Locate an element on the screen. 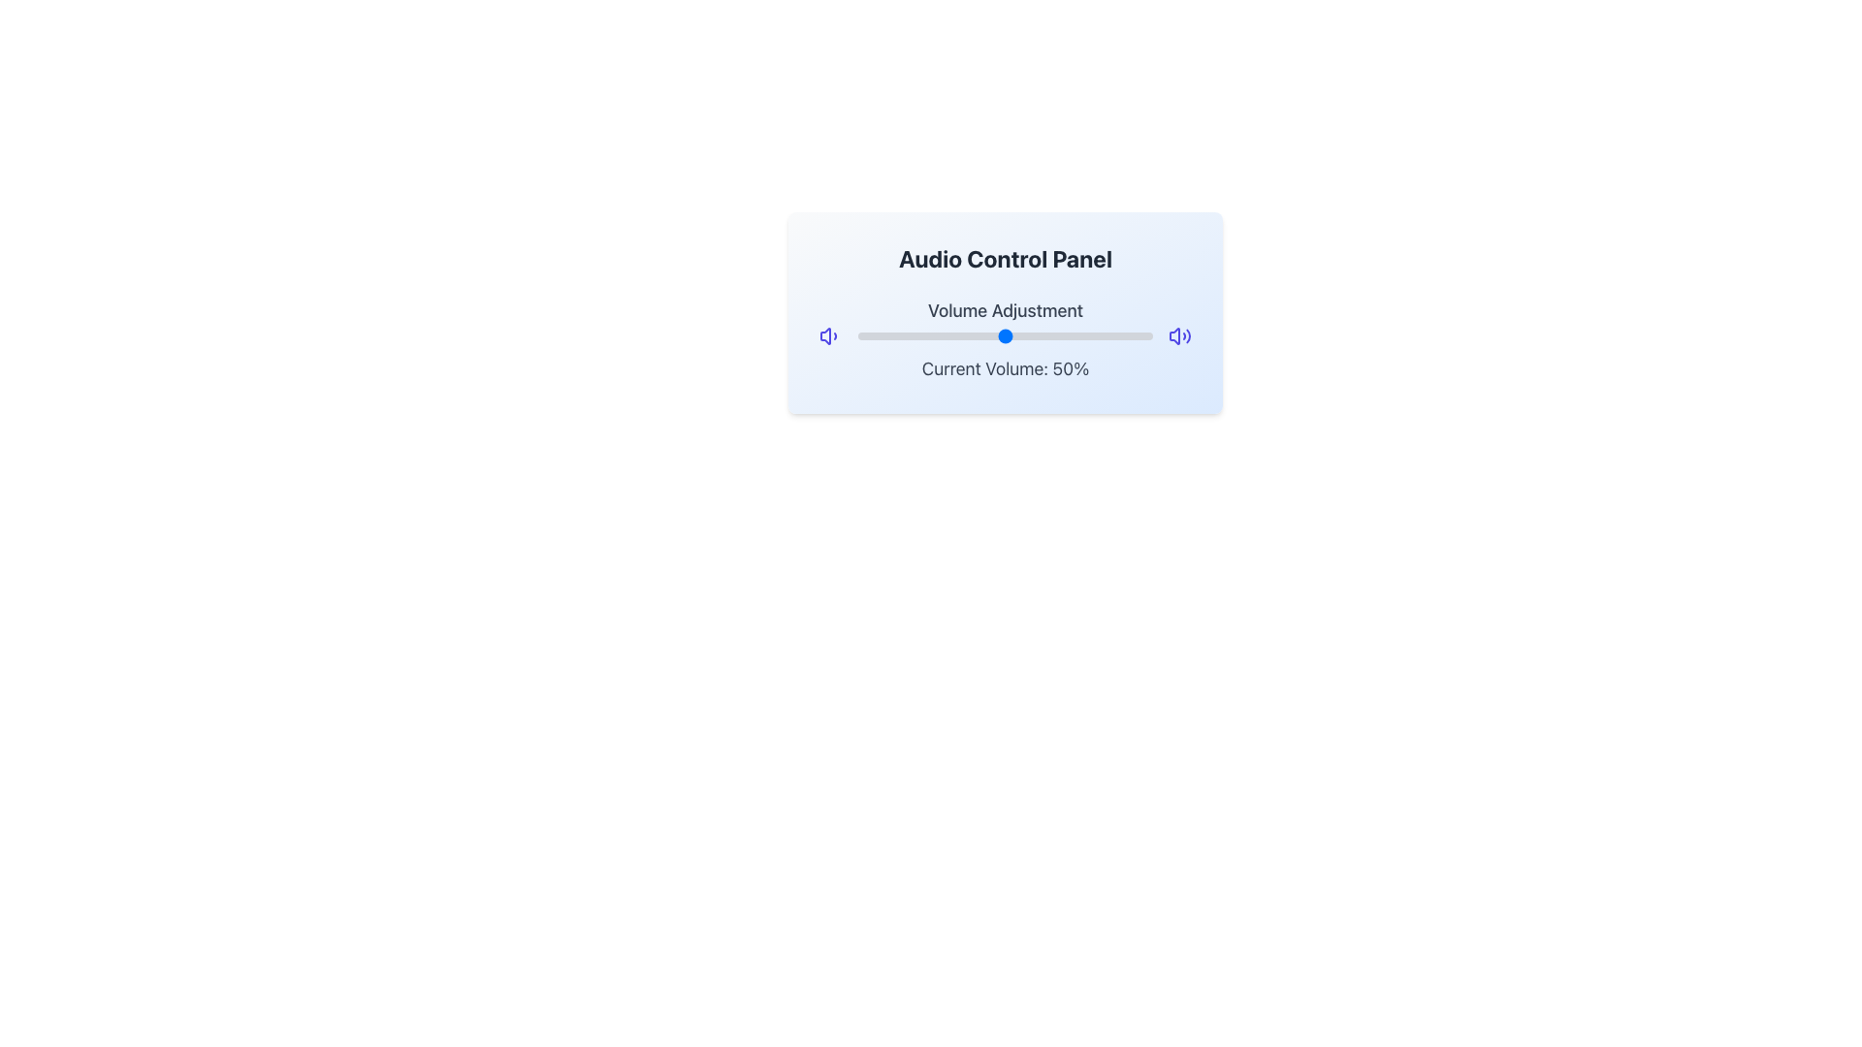 This screenshot has width=1862, height=1047. the slider is located at coordinates (1005, 335).